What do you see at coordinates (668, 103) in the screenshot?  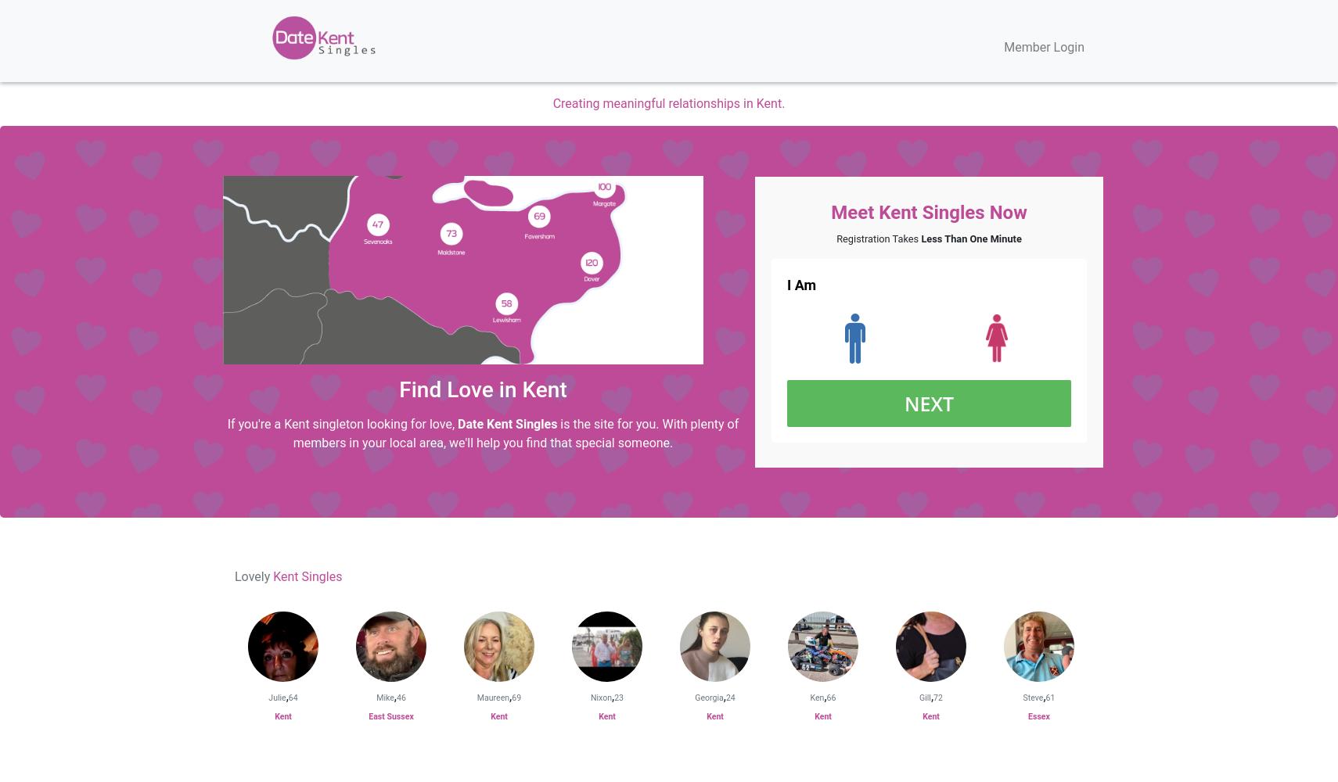 I see `'Creating meaningful relationships in Kent.'` at bounding box center [668, 103].